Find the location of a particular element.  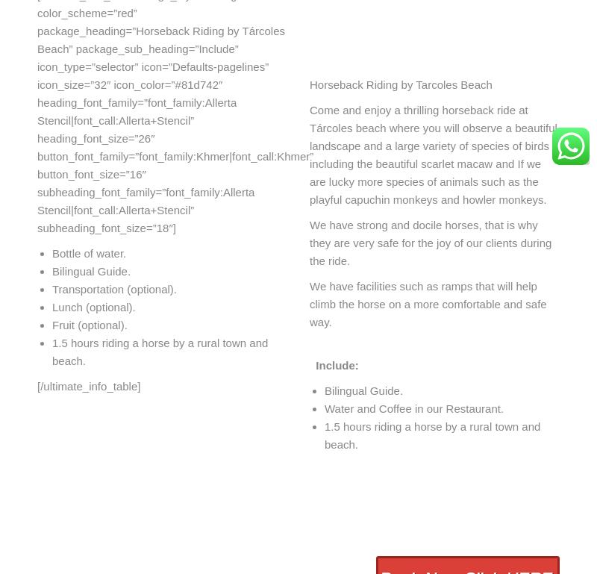

'Include:' is located at coordinates (333, 364).